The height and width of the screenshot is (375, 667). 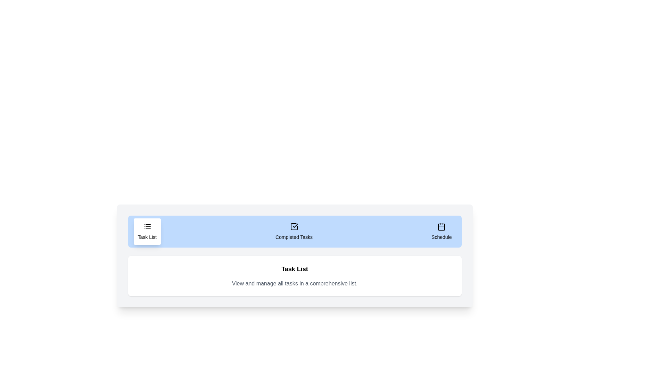 I want to click on the 'Task List' tab to display its content, so click(x=147, y=232).